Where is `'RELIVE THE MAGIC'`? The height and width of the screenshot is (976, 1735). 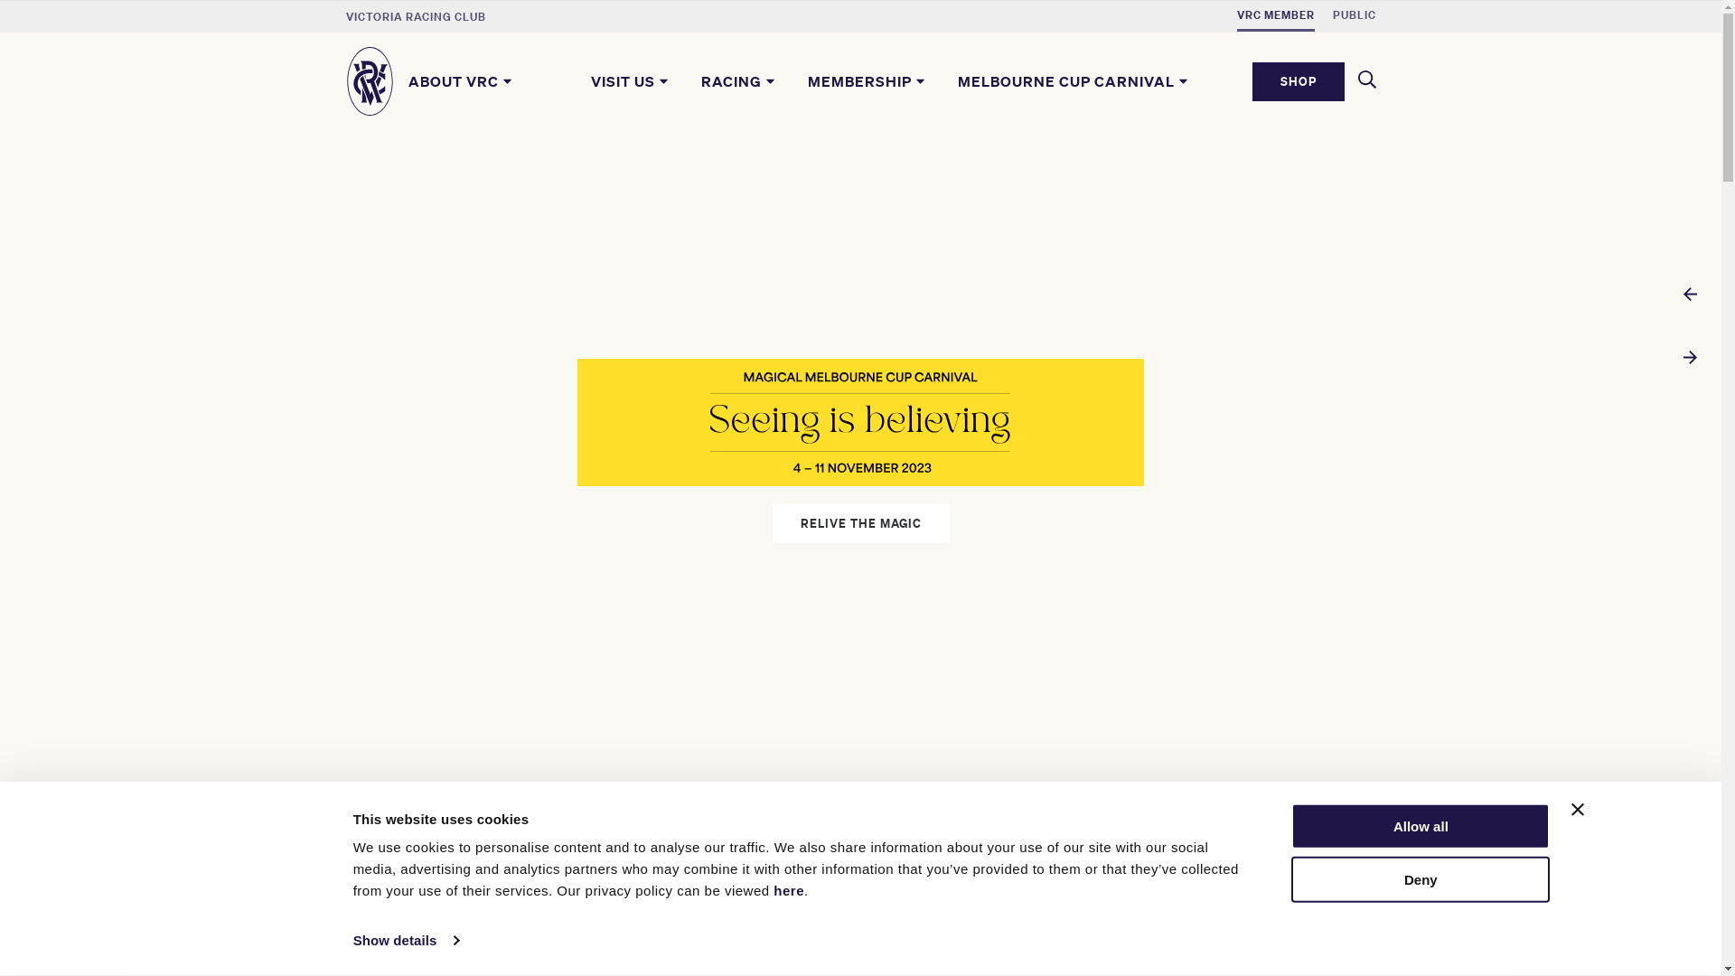
'RELIVE THE MAGIC' is located at coordinates (858, 523).